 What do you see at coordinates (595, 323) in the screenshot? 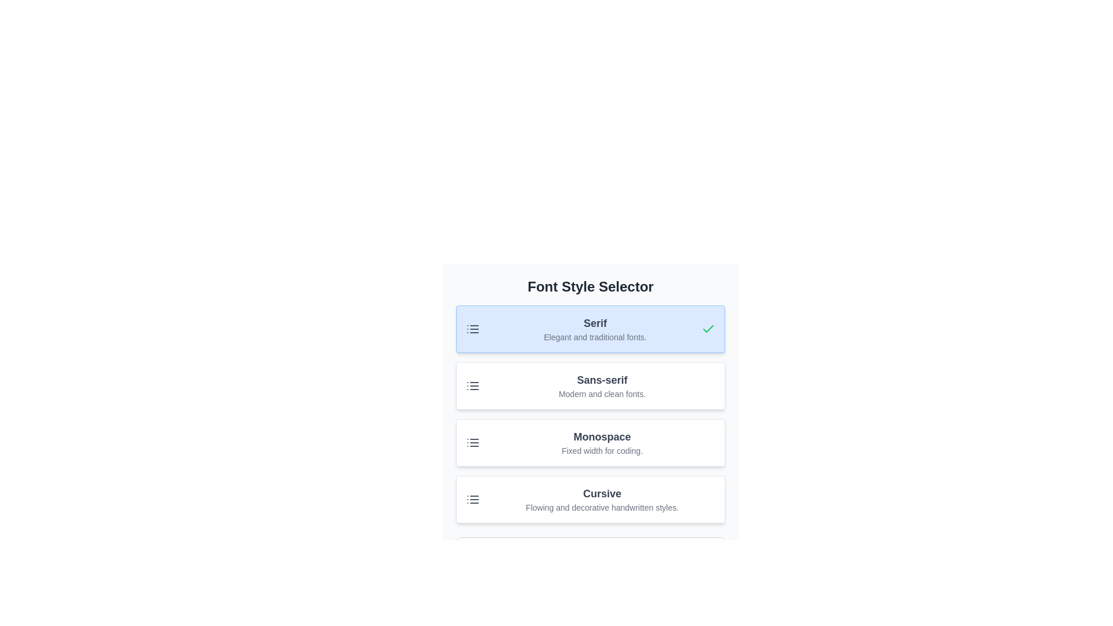
I see `label 'Serif' which is styled in bold and larger font at the top of the Font Style Selector section` at bounding box center [595, 323].